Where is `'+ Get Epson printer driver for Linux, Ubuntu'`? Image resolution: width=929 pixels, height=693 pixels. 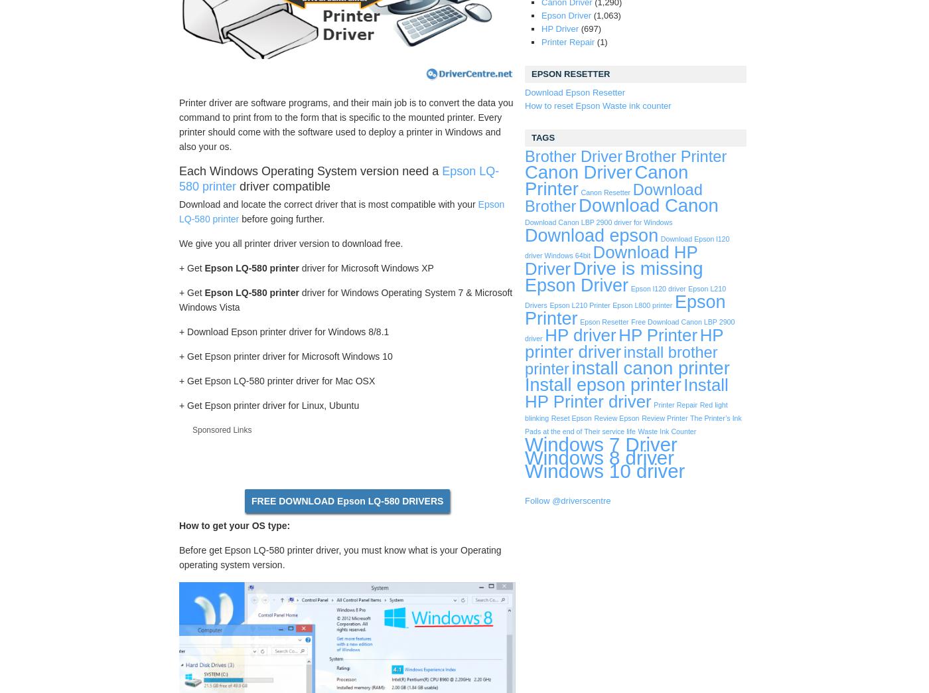 '+ Get Epson printer driver for Linux, Ubuntu' is located at coordinates (269, 405).